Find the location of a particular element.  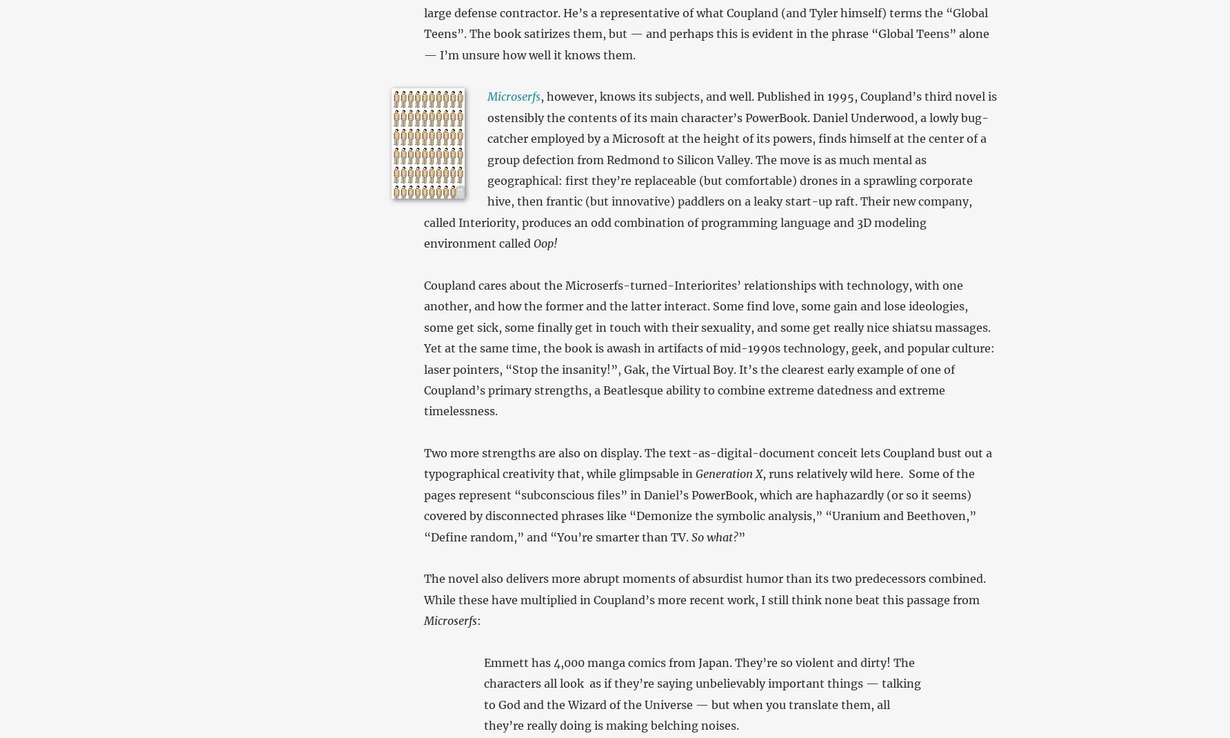

', however, knows its subjects, and well. Published in 1995, Coupland’s third novel is ostensibly the contents of its main character’s PowerBook. Daniel Underwood, a lowly bug-catcher employed by a Microsoft at the height of its powers, finds himself at the center of a group defection from Redmond to Silicon Valley. The move is as much mental as geographical: first they’re replaceable (but comfortable) drones in a sprawling corporate hive, then frantic (but innovative) paddlers on a leaky start-up raft. Their new company, called Interiority, produces an odd combination of programming language and 3D modeling environment called' is located at coordinates (709, 169).